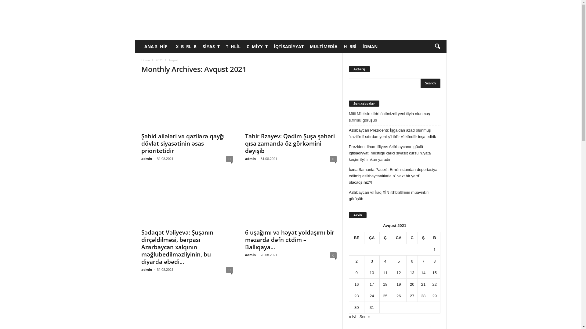 The width and height of the screenshot is (586, 329). What do you see at coordinates (385, 261) in the screenshot?
I see `'4'` at bounding box center [385, 261].